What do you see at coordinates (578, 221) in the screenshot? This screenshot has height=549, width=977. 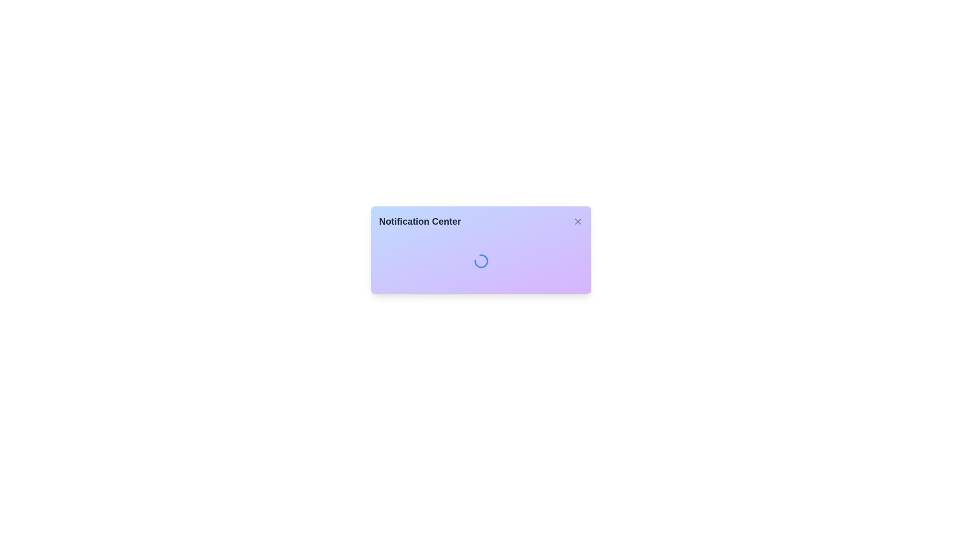 I see `the close icon located in the top-right corner of the 'Notification Center'` at bounding box center [578, 221].